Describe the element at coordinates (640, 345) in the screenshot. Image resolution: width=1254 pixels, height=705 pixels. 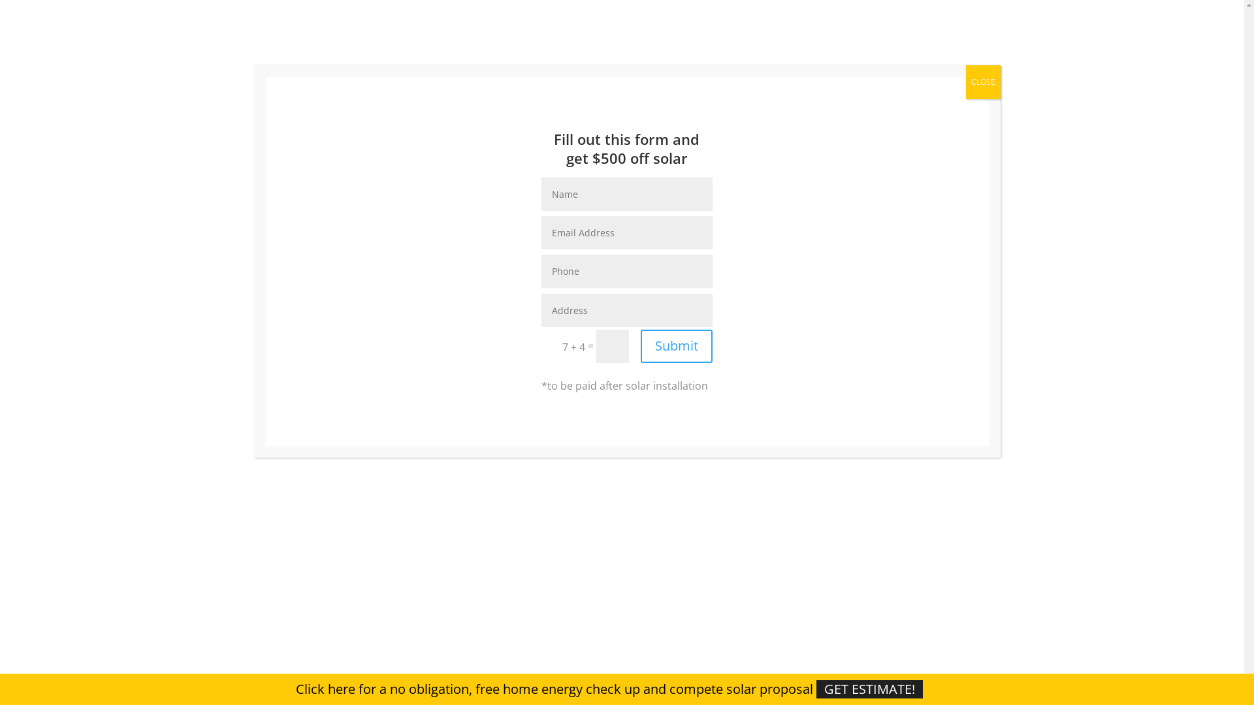
I see `'Submit'` at that location.